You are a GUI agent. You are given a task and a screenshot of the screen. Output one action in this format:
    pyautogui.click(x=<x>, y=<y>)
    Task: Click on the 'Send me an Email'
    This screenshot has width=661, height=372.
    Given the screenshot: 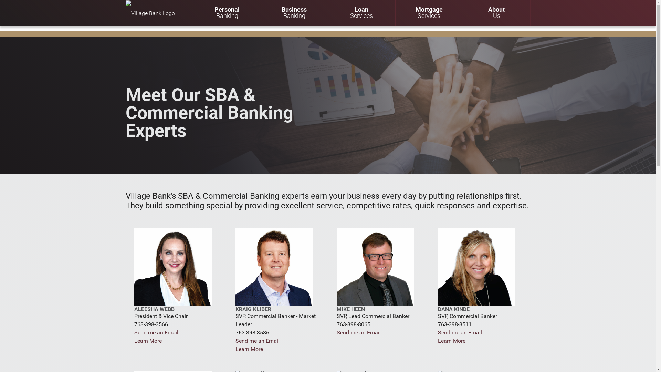 What is the action you would take?
    pyautogui.click(x=156, y=332)
    